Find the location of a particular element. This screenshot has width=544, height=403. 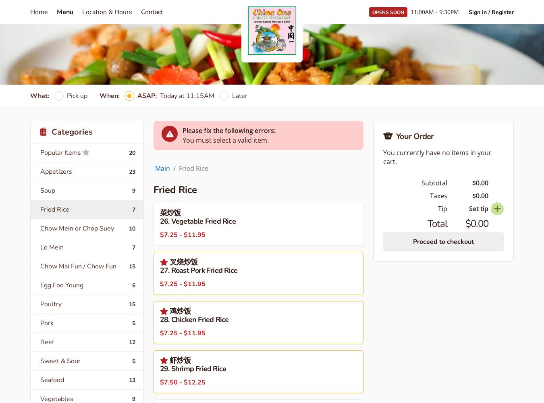

'23' is located at coordinates (132, 171).